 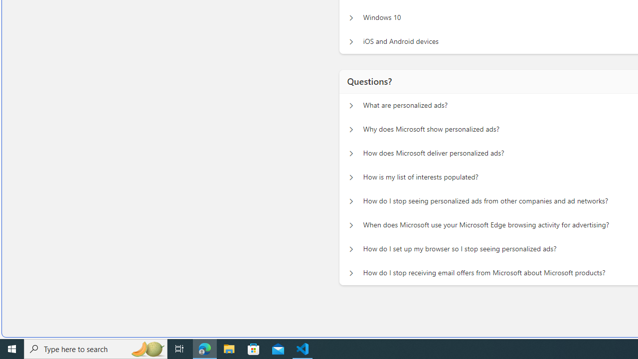 I want to click on 'Questions? What are personalized ads?', so click(x=351, y=103).